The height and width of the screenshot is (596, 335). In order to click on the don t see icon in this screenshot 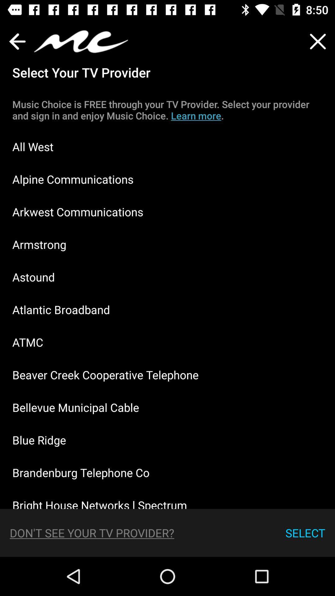, I will do `click(92, 532)`.